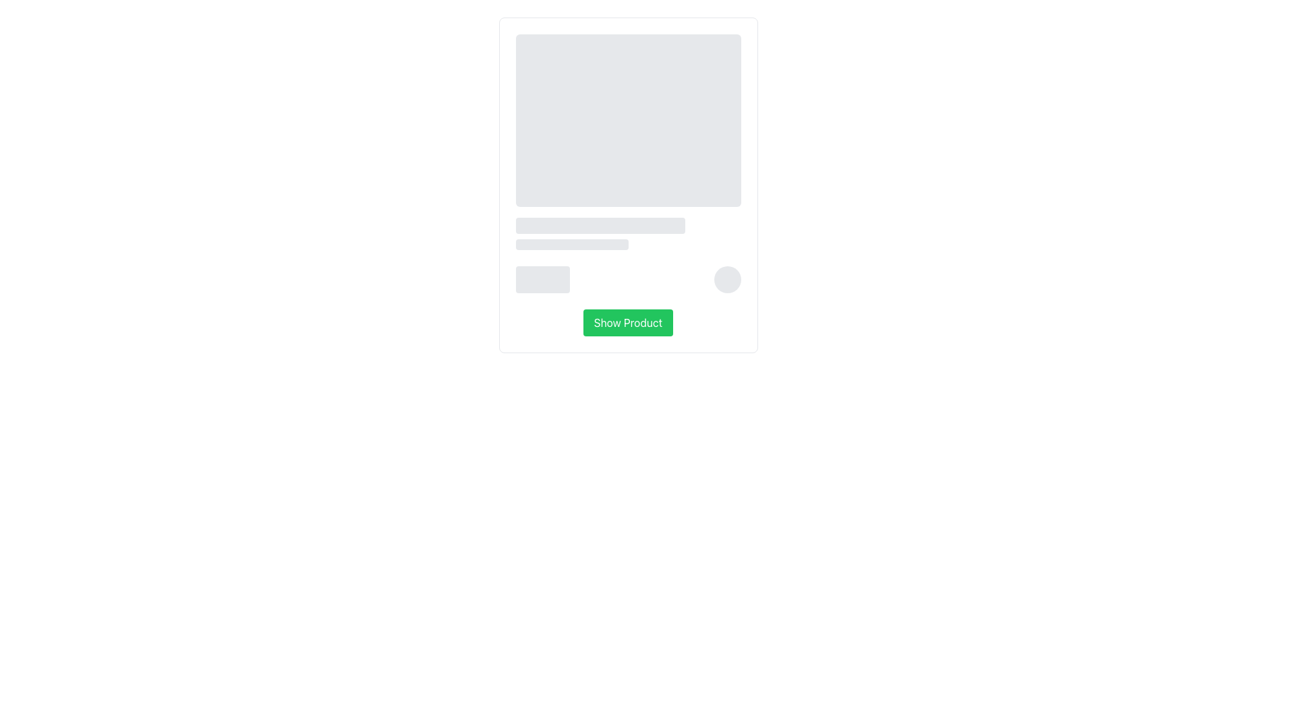 The image size is (1295, 728). Describe the element at coordinates (627, 322) in the screenshot. I see `the green 'Show Product' button` at that location.